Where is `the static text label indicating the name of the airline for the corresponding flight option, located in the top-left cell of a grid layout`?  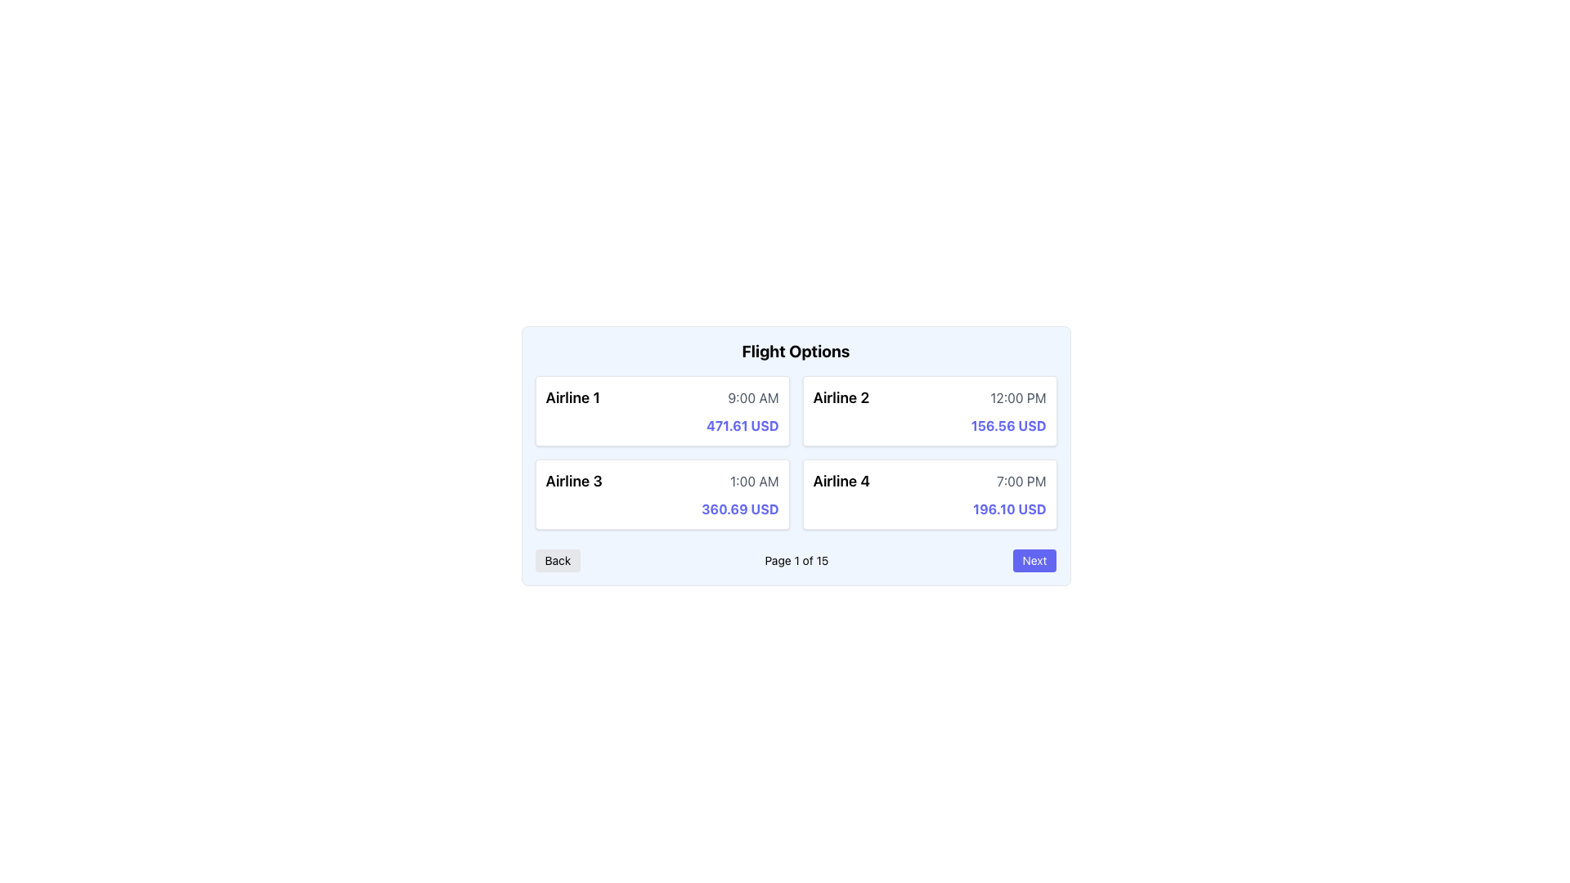
the static text label indicating the name of the airline for the corresponding flight option, located in the top-left cell of a grid layout is located at coordinates (572, 397).